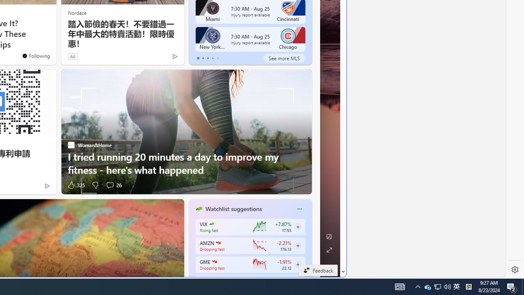  What do you see at coordinates (214, 262) in the screenshot?
I see `'GAMESTOP CORP.'` at bounding box center [214, 262].